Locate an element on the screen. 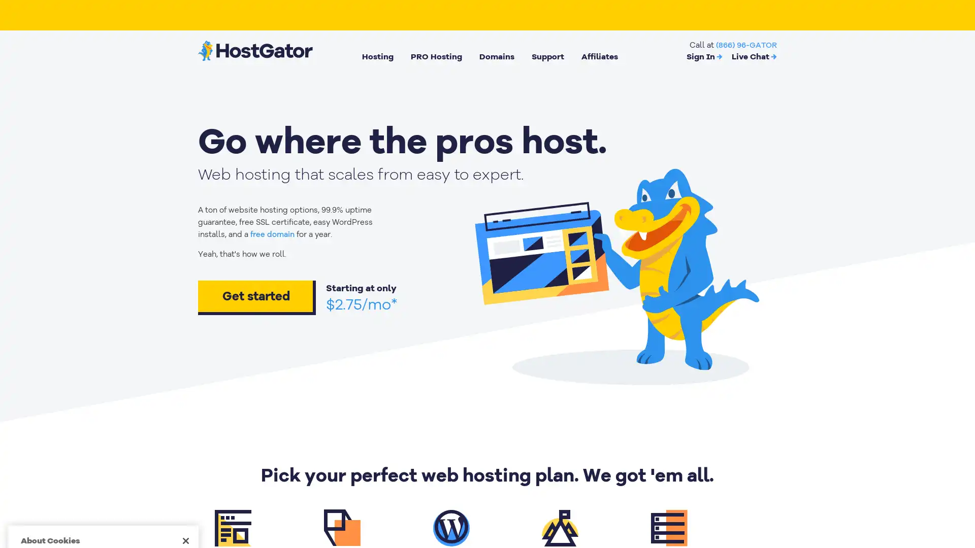  $2.75/mo* is located at coordinates (362, 304).